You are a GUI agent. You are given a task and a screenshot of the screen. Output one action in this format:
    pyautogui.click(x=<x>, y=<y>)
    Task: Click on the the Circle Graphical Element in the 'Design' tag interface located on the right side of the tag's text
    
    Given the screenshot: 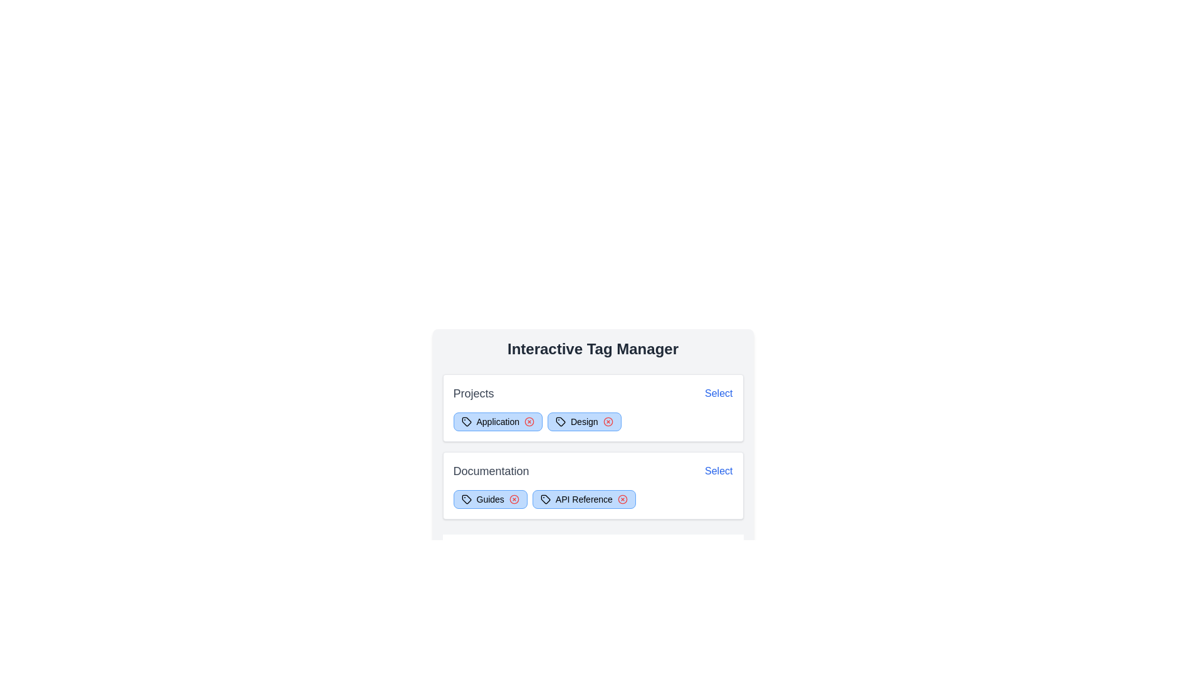 What is the action you would take?
    pyautogui.click(x=608, y=422)
    